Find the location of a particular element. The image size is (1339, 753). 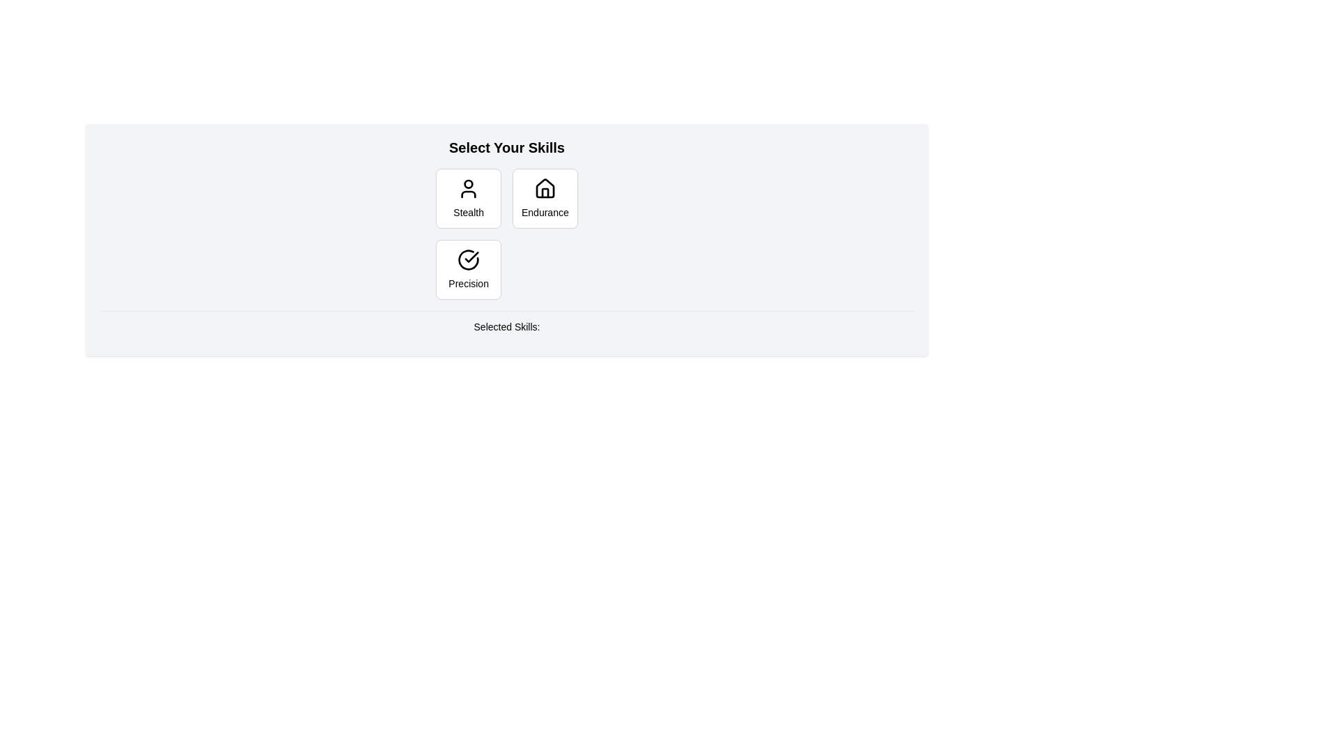

the 'Endurance' graphical element within the SVG icon representing skill selection, located at the center of the icon is located at coordinates (544, 193).